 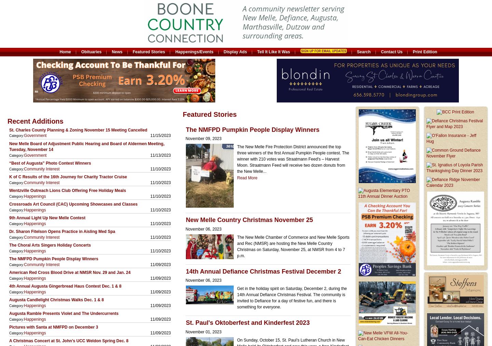 I want to click on 'Recent Additions', so click(x=35, y=121).